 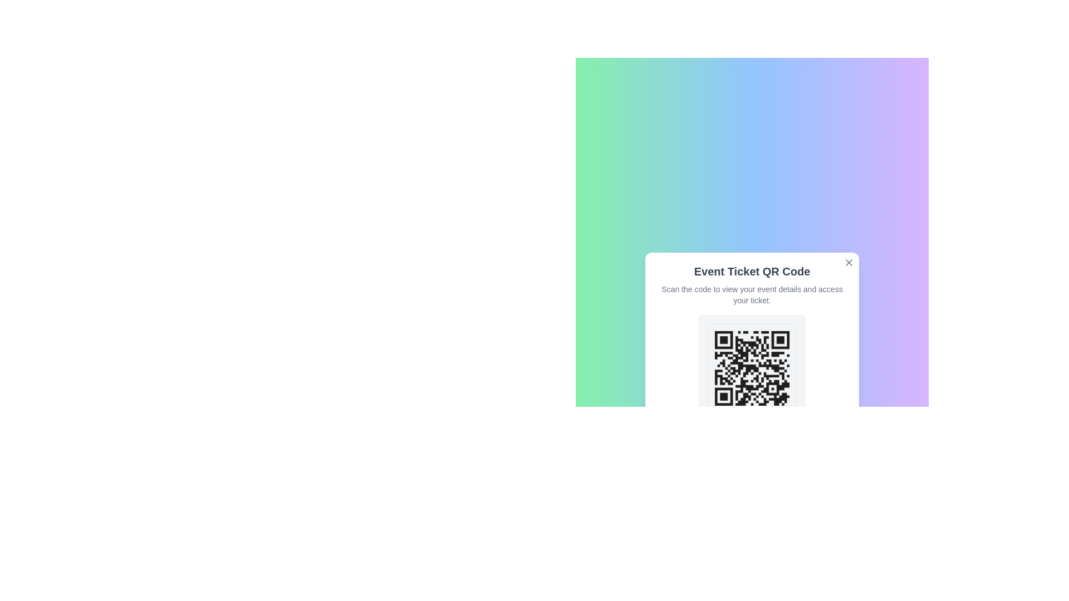 What do you see at coordinates (849, 262) in the screenshot?
I see `the Close button, which is a minimalistic diagonal cross ('X') shape located at the top-right corner of the 'Event Ticket QR Code' dialog window, to possibly see a tooltip` at bounding box center [849, 262].